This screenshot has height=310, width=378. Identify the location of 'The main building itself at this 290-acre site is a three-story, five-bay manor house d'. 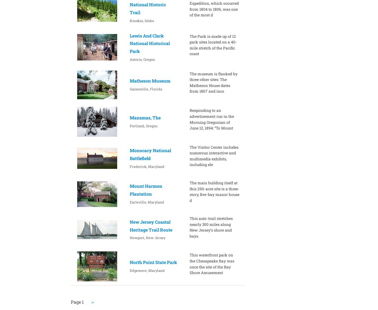
(214, 191).